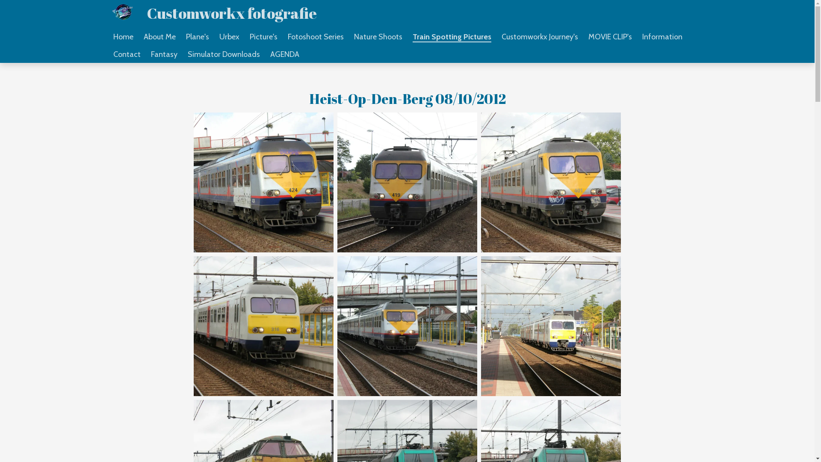 This screenshot has width=821, height=462. I want to click on 'Fotoshoot Series', so click(315, 36).